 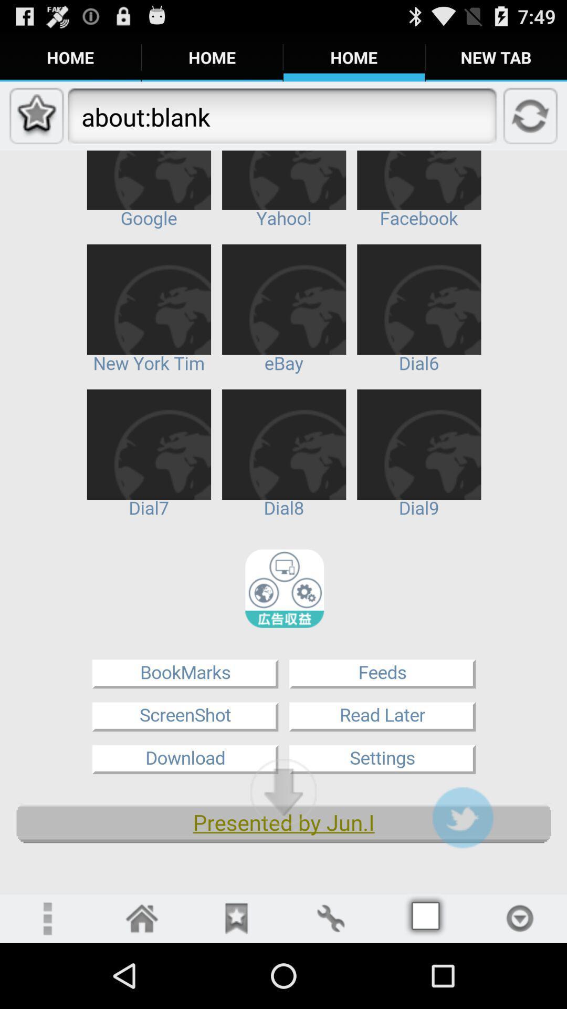 I want to click on go home, so click(x=142, y=918).